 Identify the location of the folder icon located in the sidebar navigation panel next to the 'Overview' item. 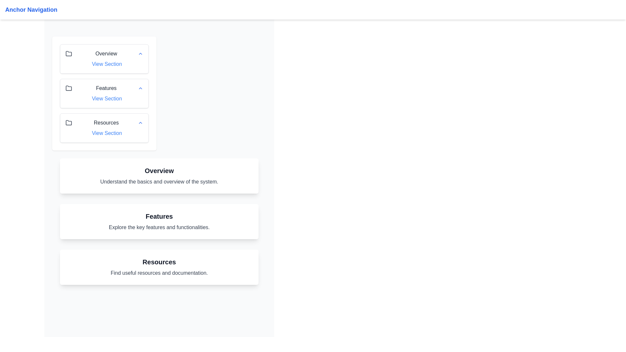
(69, 53).